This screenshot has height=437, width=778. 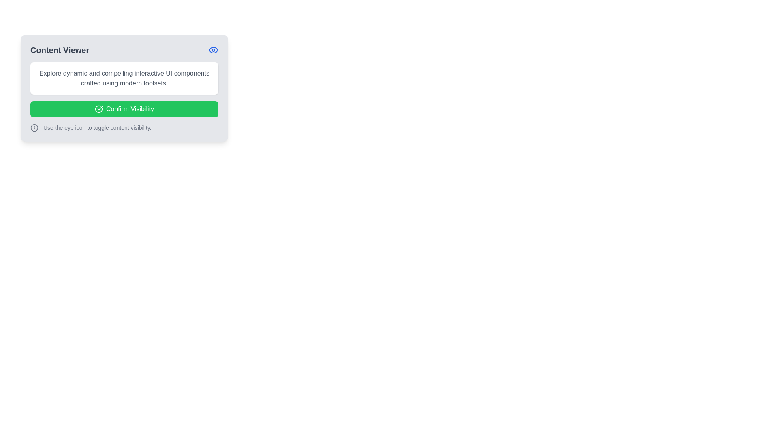 I want to click on instructional text from the Text label located to the right of the circular informational icon, centered horizontally in the lower section of the interface window, so click(x=97, y=127).